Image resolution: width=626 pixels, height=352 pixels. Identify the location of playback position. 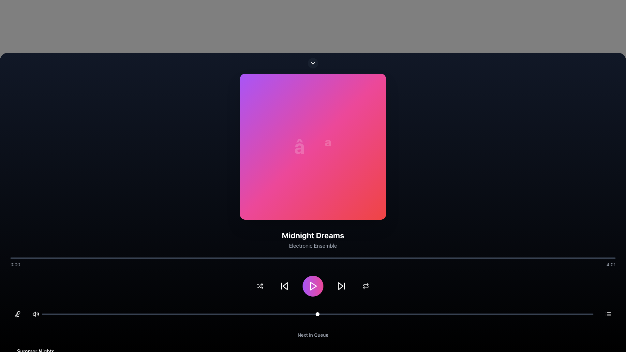
(591, 257).